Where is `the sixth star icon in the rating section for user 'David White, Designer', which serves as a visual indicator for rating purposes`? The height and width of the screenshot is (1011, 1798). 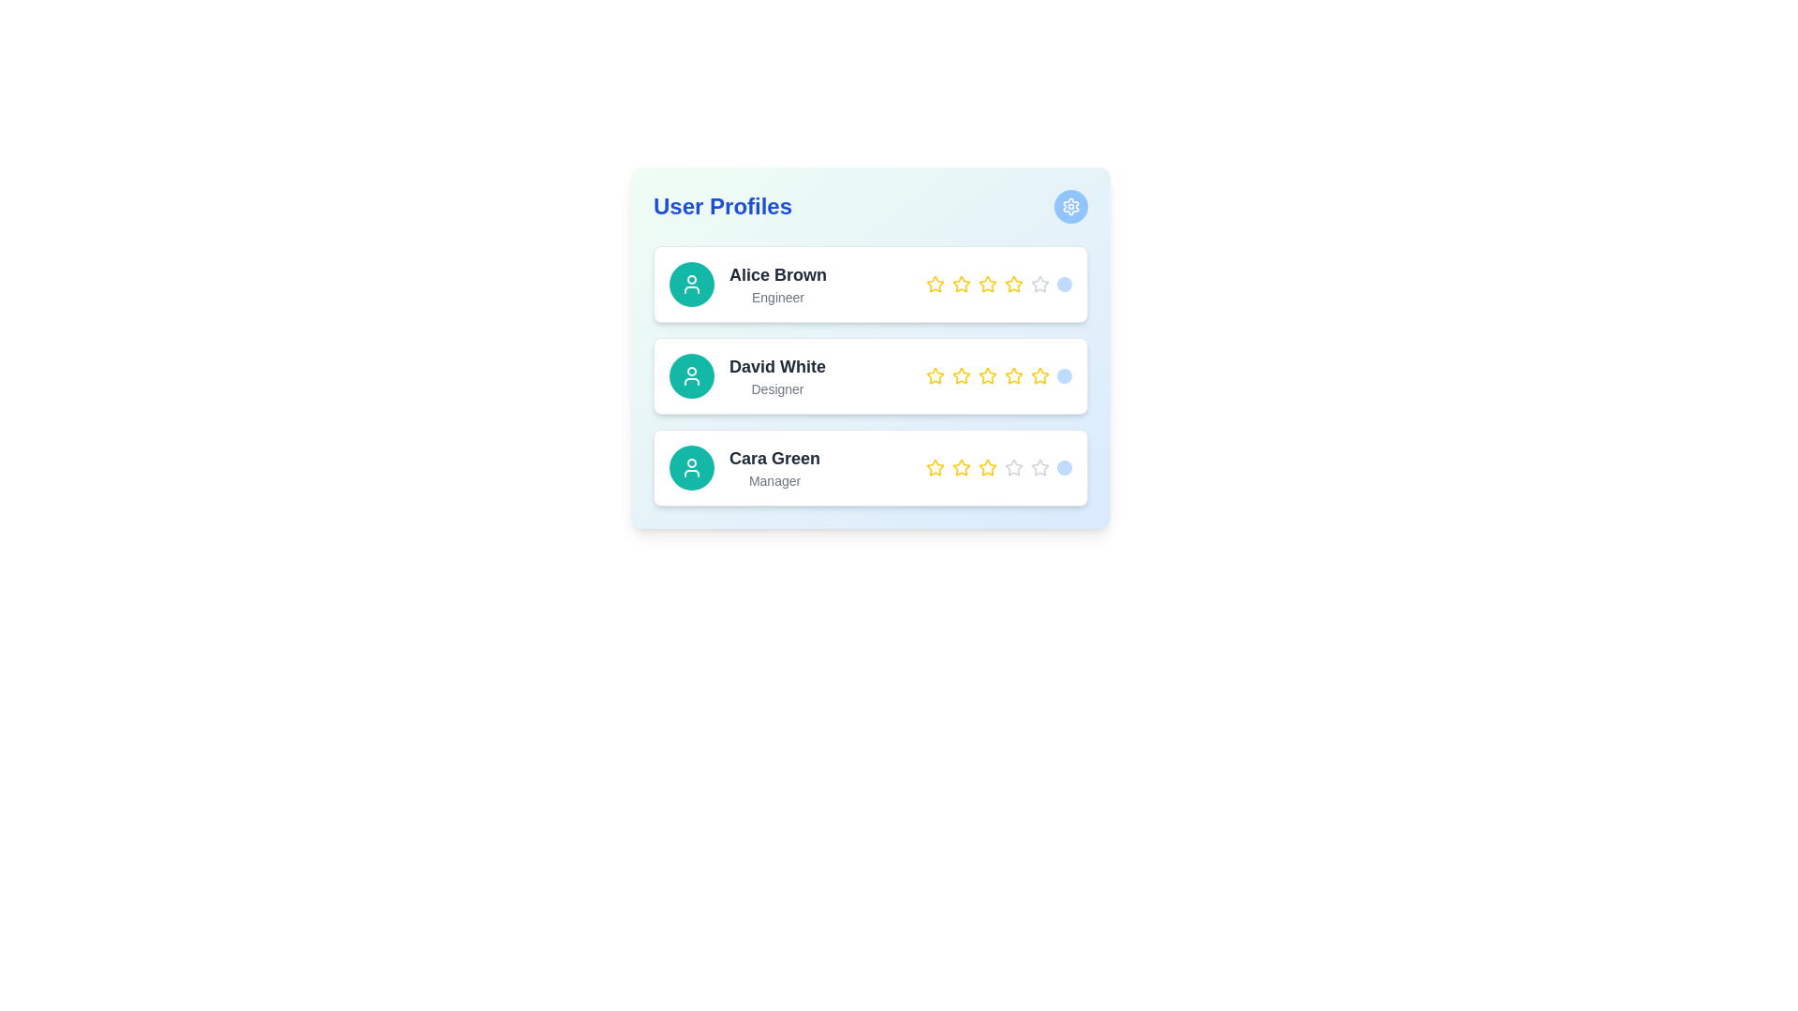 the sixth star icon in the rating section for user 'David White, Designer', which serves as a visual indicator for rating purposes is located at coordinates (1039, 375).